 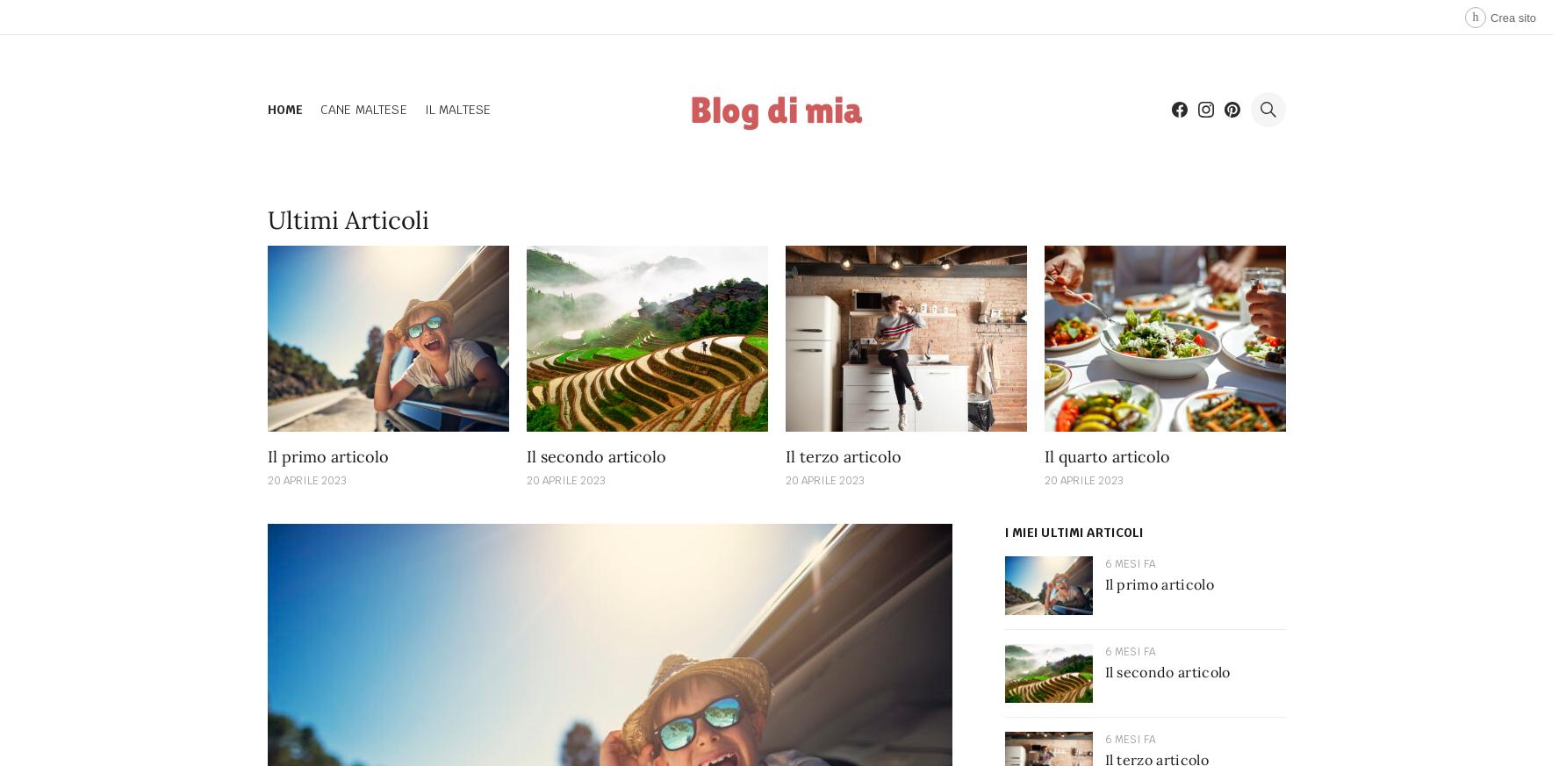 I want to click on 'Il terzo articolo', so click(x=842, y=456).